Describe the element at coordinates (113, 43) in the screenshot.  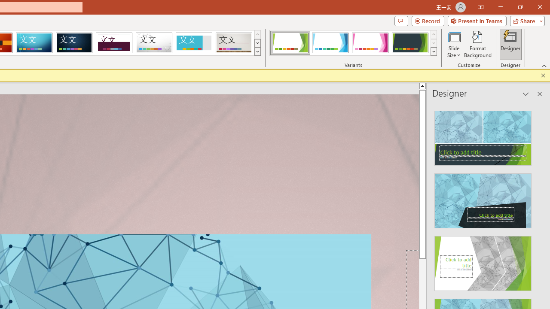
I see `'Dividend'` at that location.